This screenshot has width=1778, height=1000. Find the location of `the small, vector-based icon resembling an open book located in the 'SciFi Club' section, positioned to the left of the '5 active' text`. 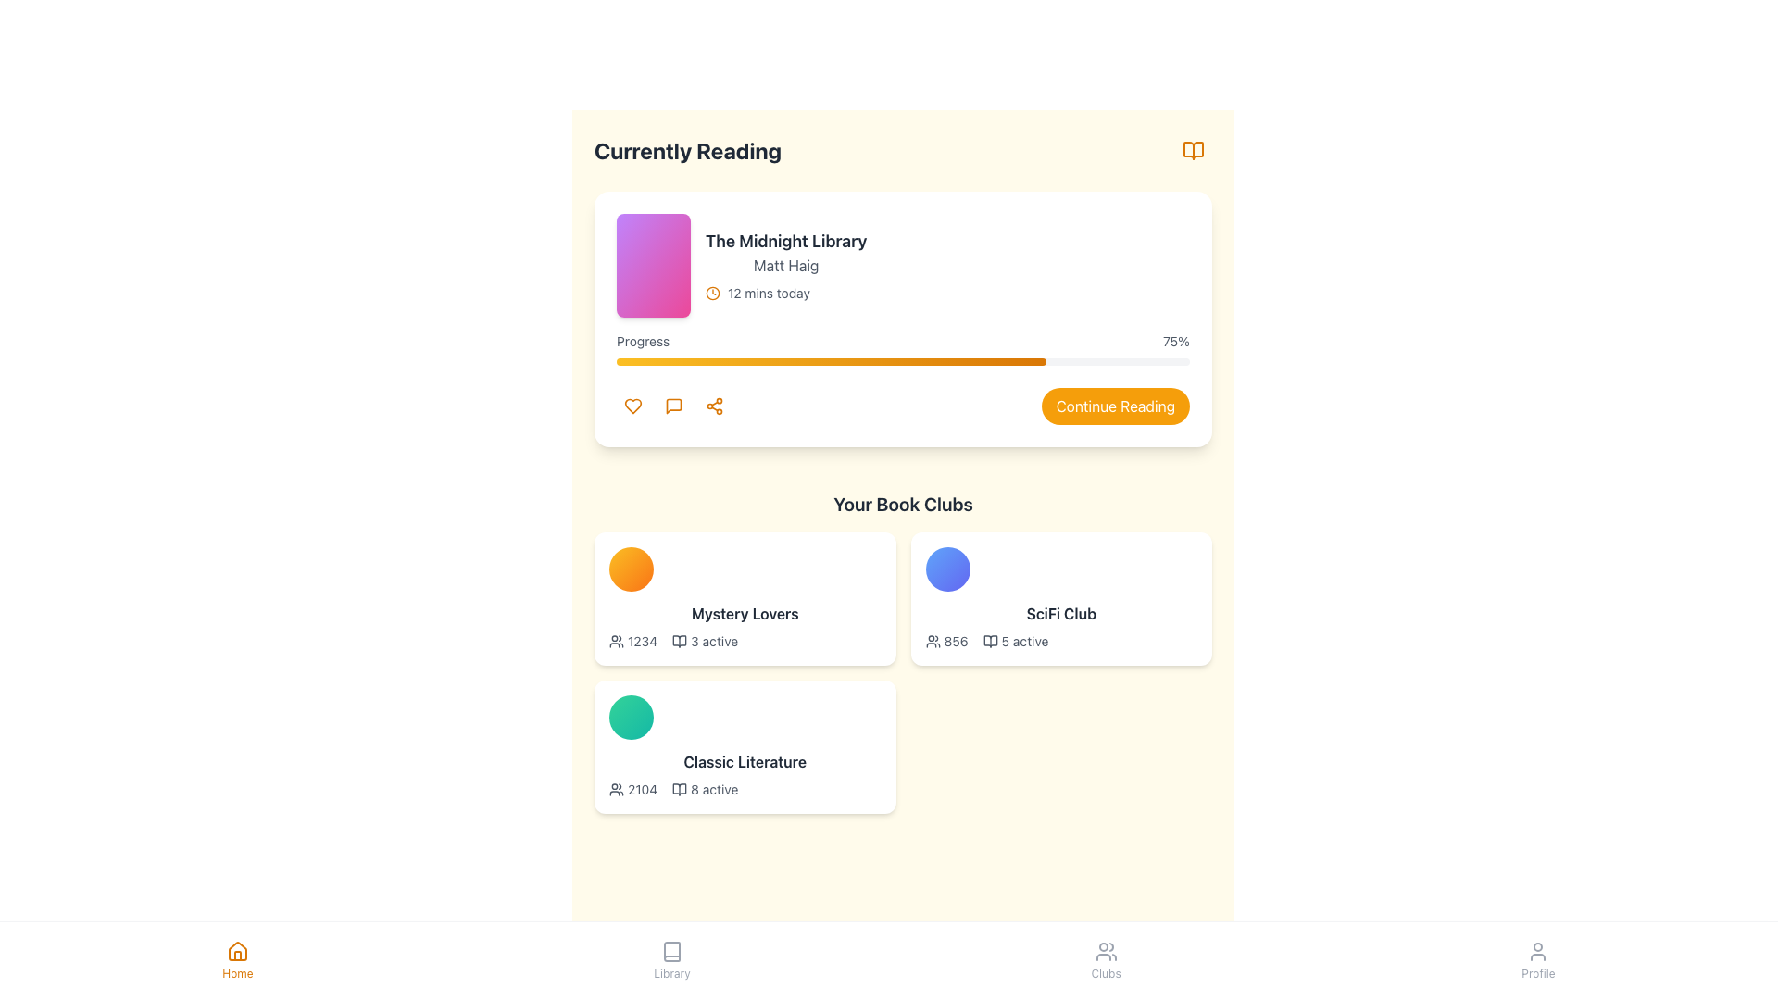

the small, vector-based icon resembling an open book located in the 'SciFi Club' section, positioned to the left of the '5 active' text is located at coordinates (989, 641).